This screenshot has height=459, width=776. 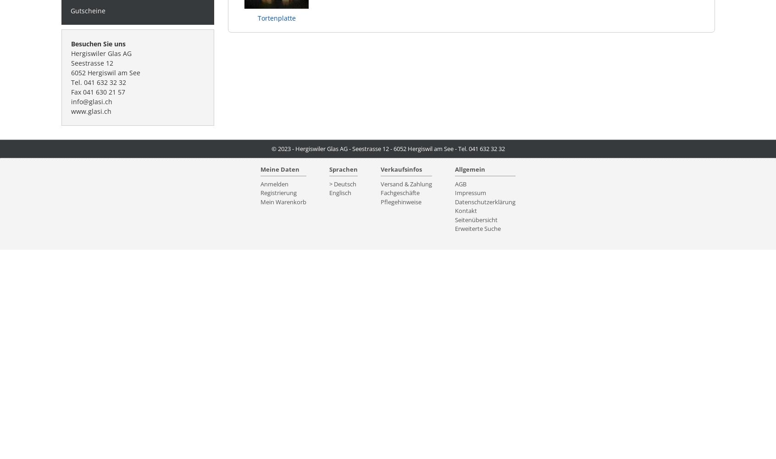 I want to click on 'Fachgeschäfte', so click(x=399, y=193).